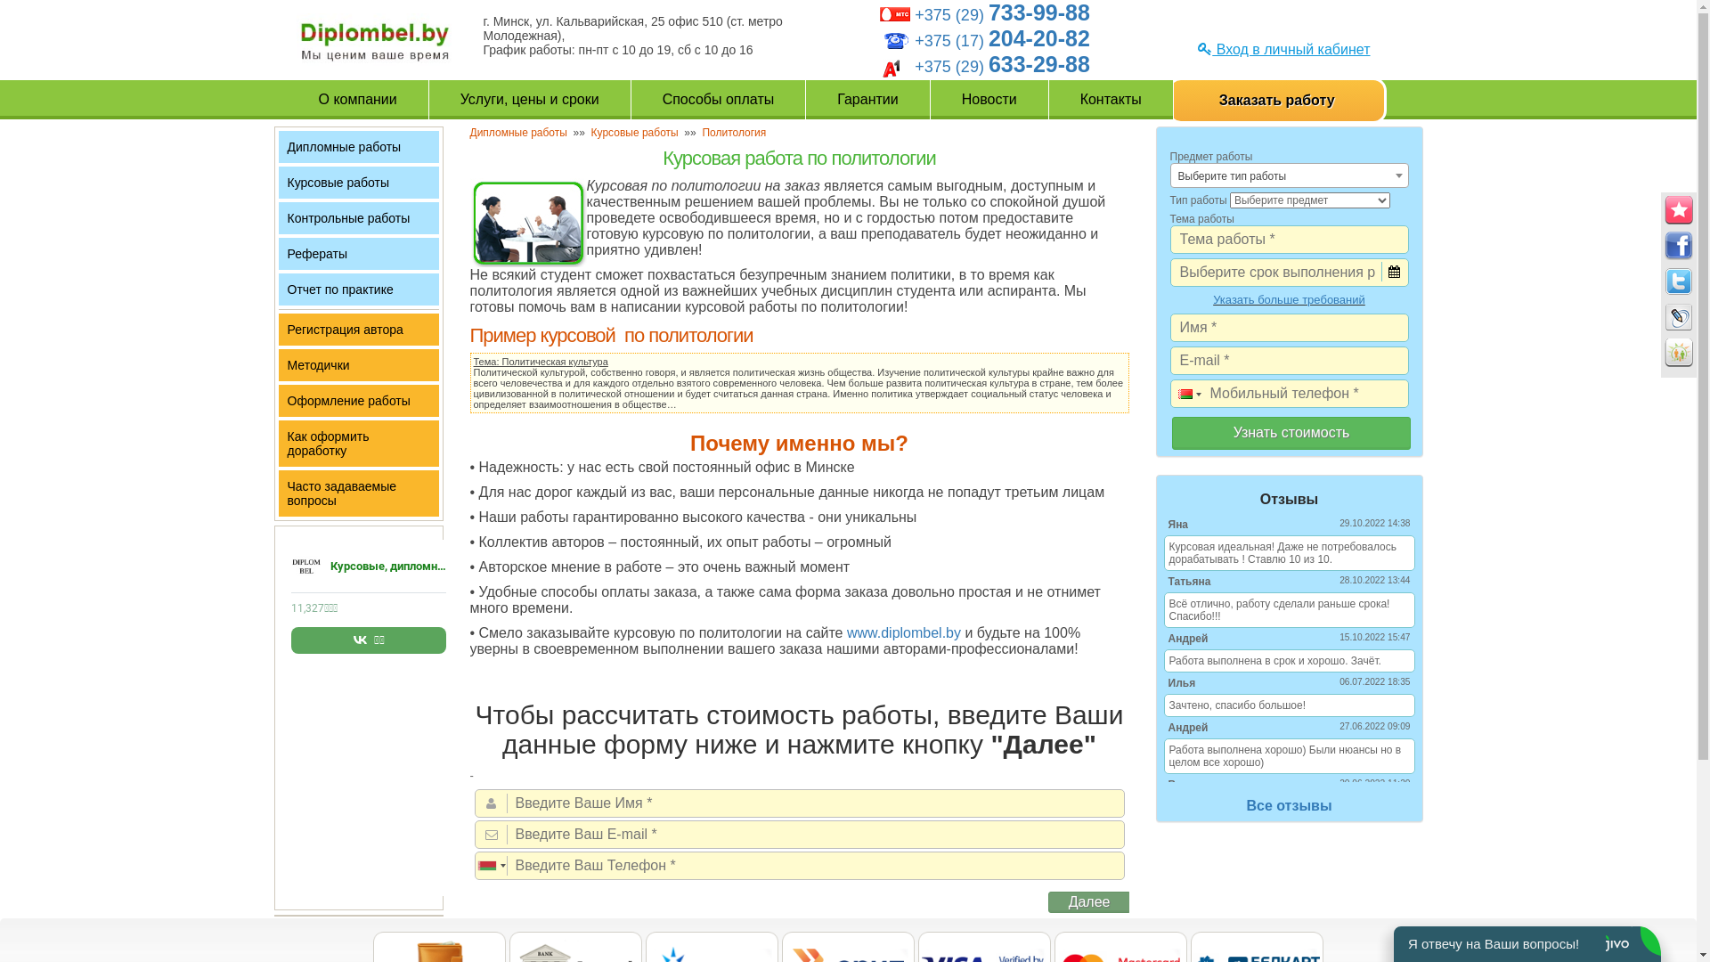  What do you see at coordinates (915, 40) in the screenshot?
I see `'+375 (17) 204-20-82'` at bounding box center [915, 40].